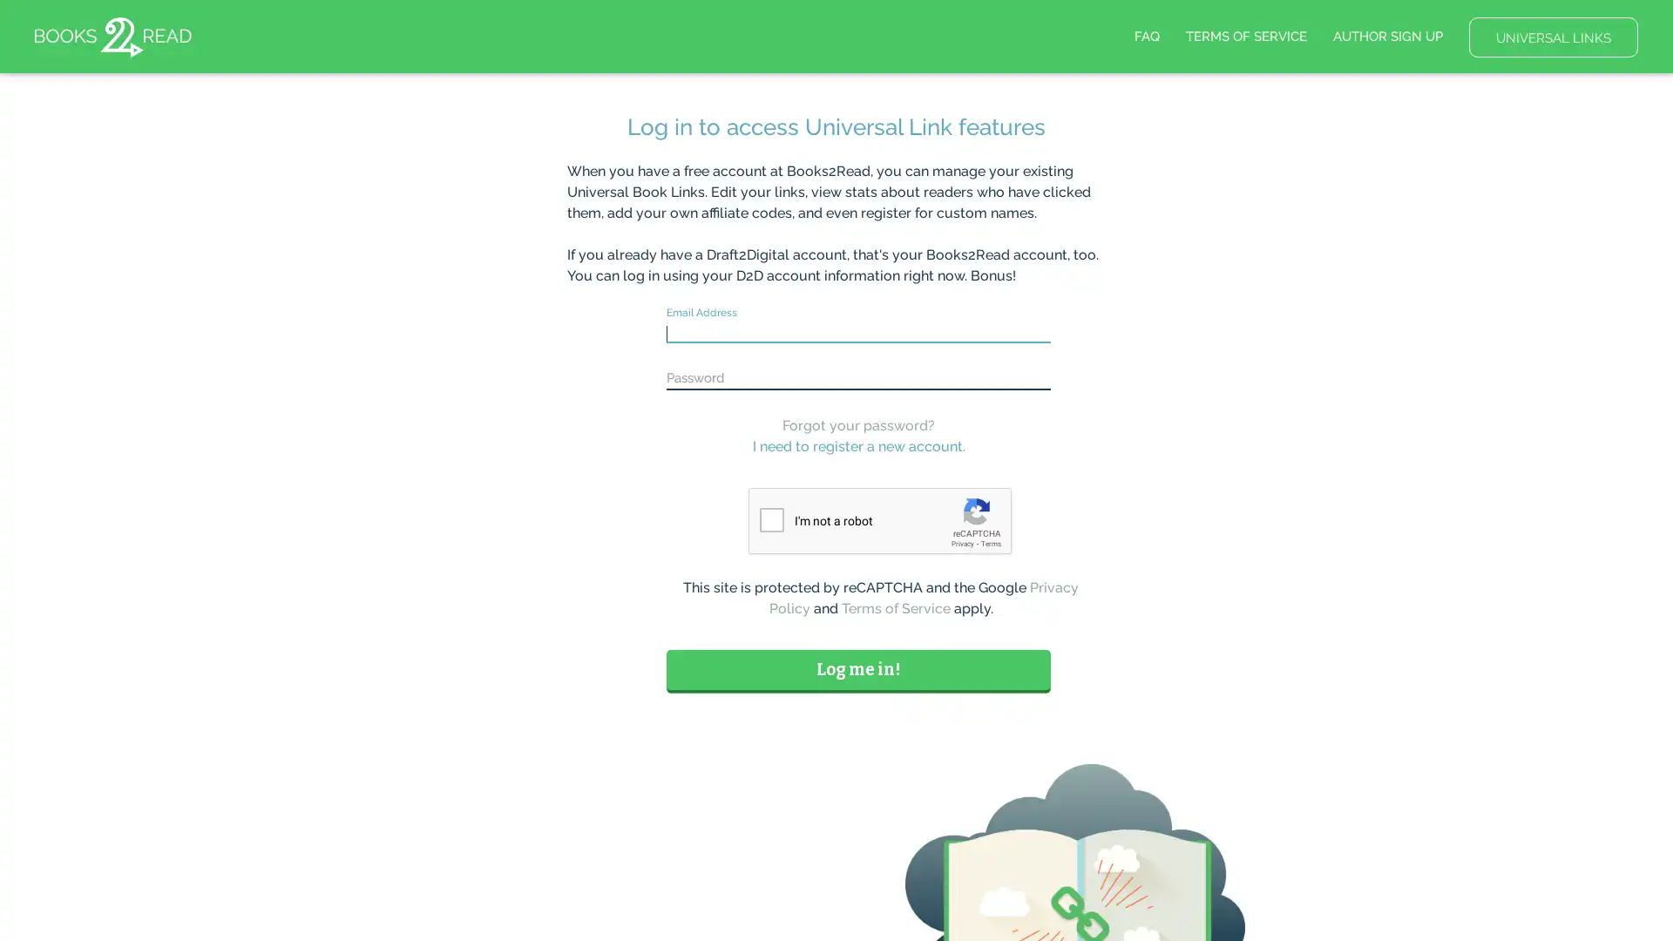  I want to click on Log me in!, so click(858, 668).